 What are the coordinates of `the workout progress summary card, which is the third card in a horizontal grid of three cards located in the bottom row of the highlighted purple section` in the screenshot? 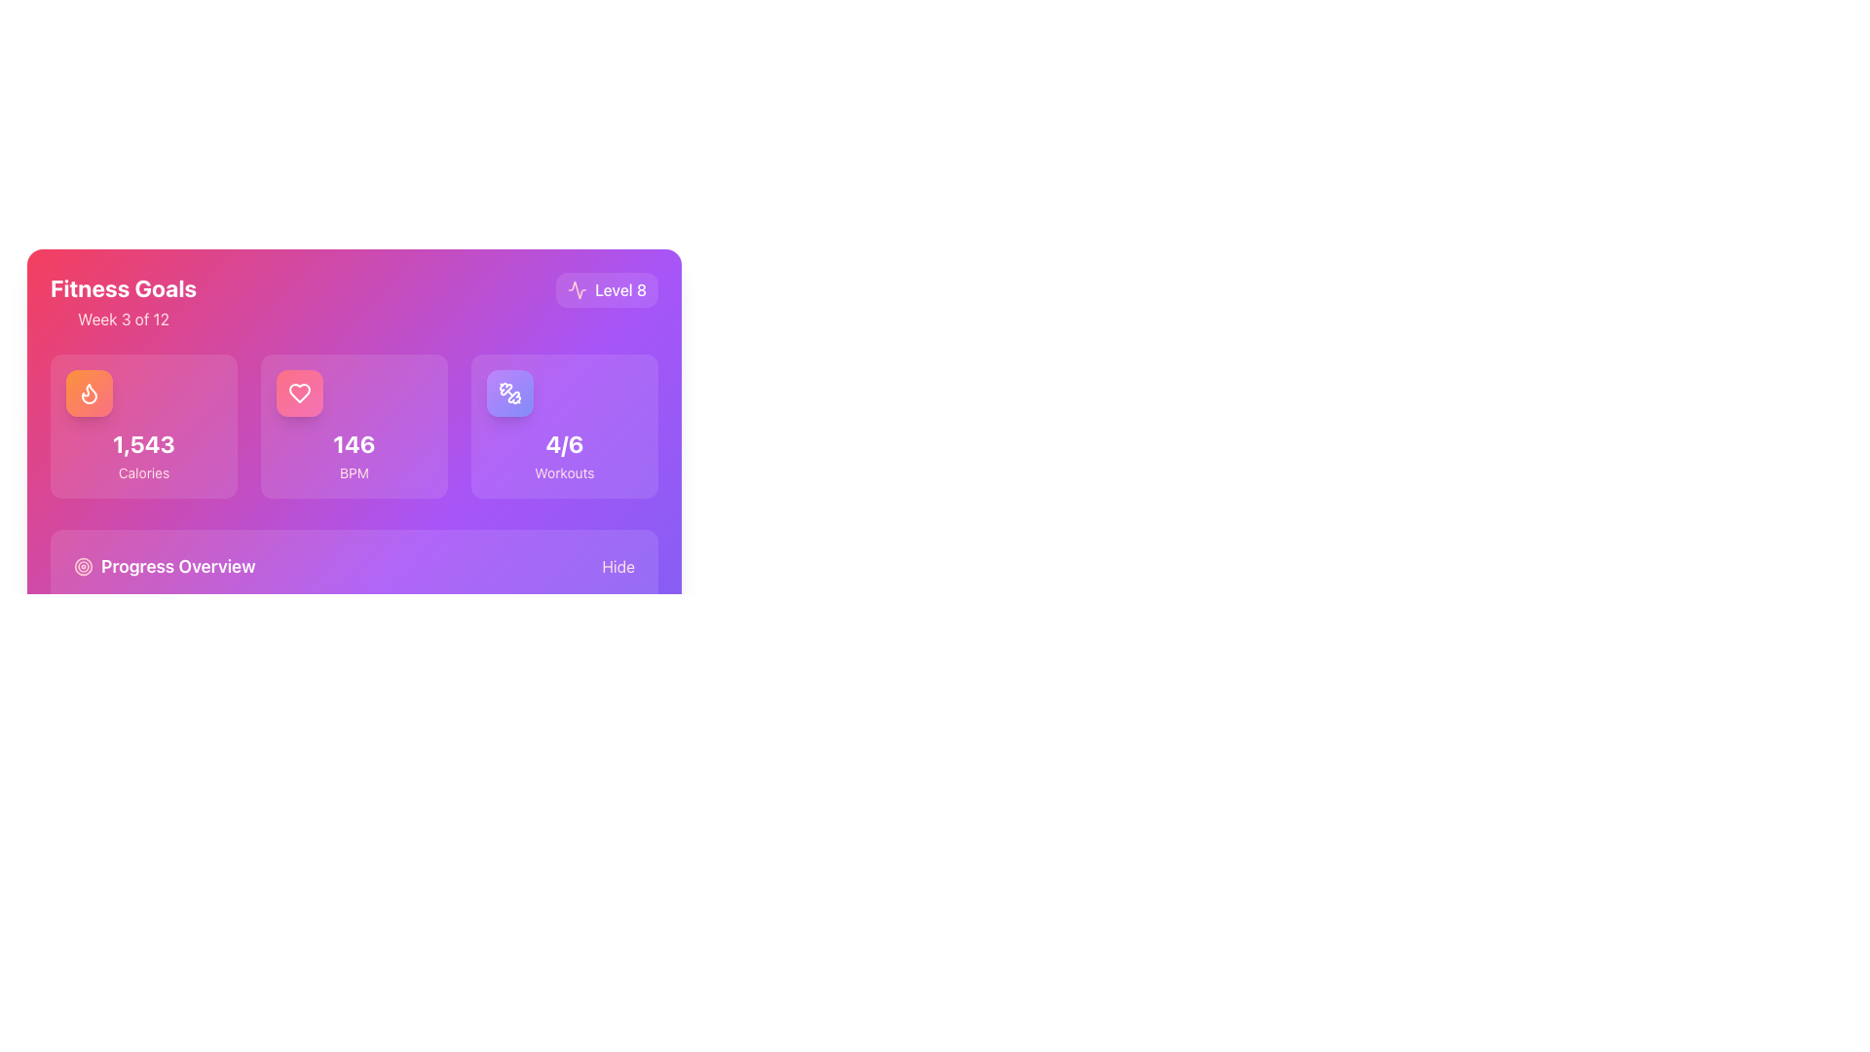 It's located at (564, 426).